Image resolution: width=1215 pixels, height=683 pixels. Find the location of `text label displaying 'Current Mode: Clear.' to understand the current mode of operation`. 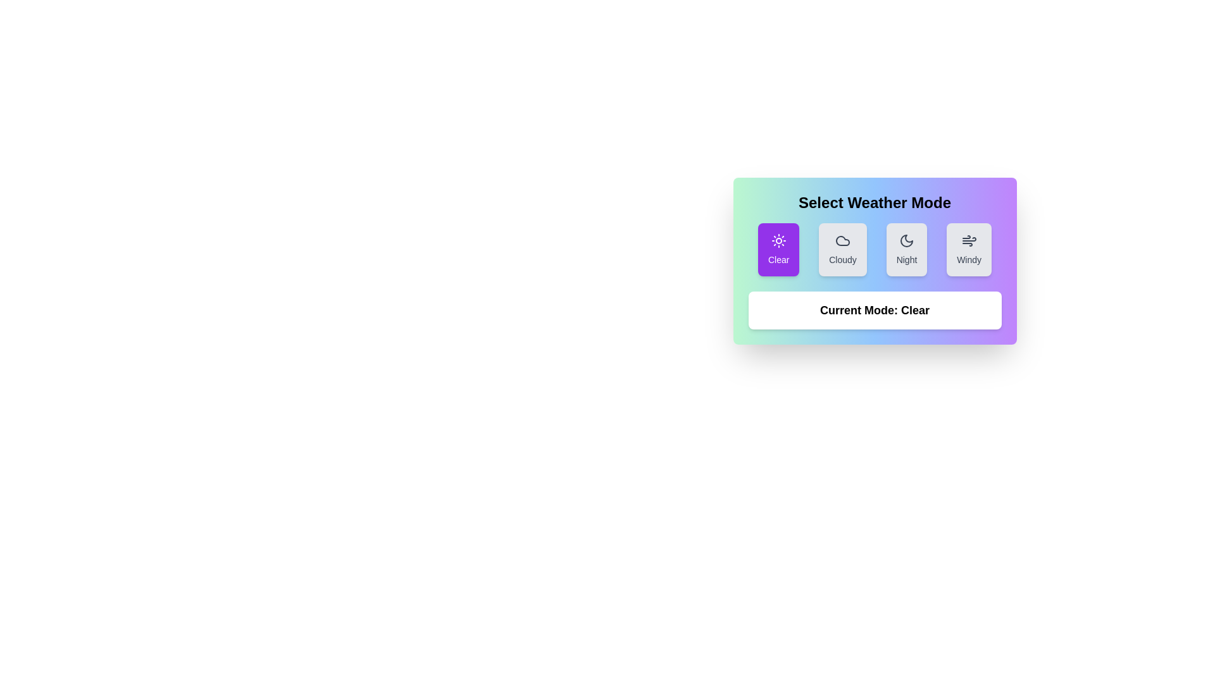

text label displaying 'Current Mode: Clear.' to understand the current mode of operation is located at coordinates (874, 310).